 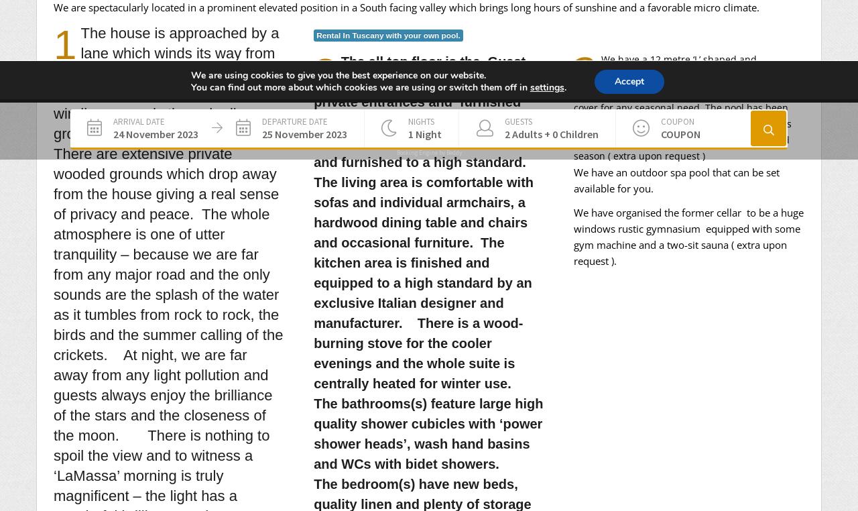 I want to click on 'We have an outdoor spa pool that can be set available for you.', so click(x=676, y=178).